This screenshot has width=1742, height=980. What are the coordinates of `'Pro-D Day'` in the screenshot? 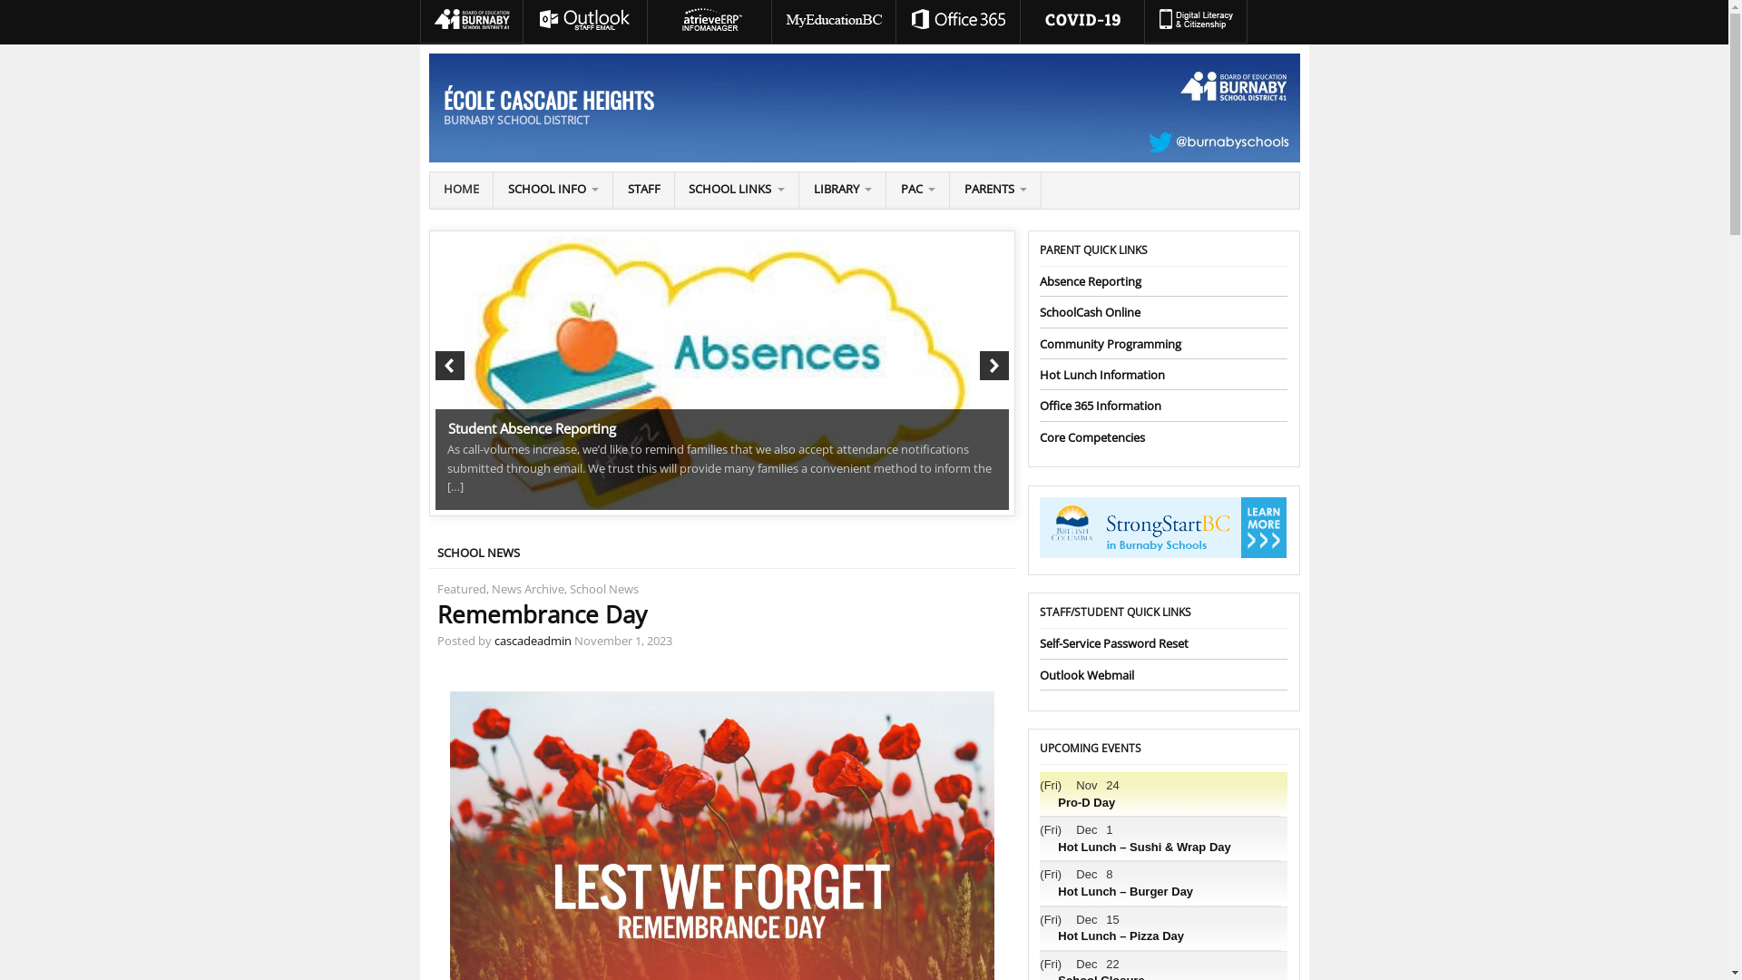 It's located at (1081, 810).